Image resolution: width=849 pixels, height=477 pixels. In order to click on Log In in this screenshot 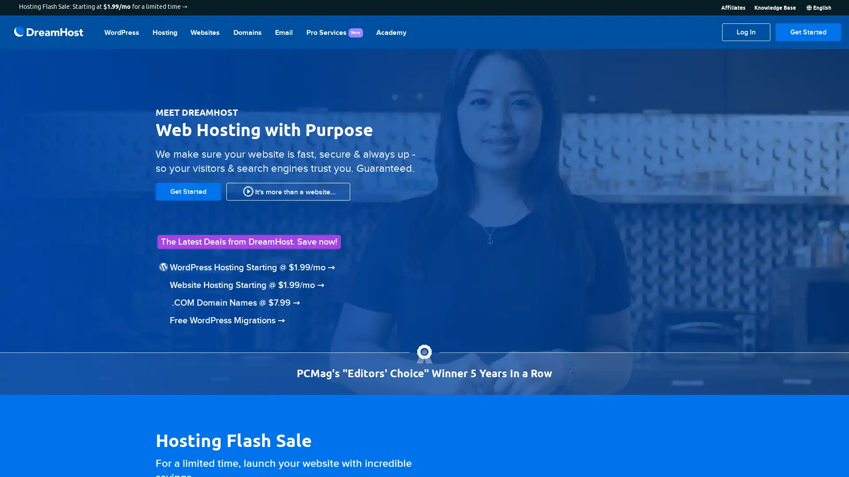, I will do `click(746, 32)`.